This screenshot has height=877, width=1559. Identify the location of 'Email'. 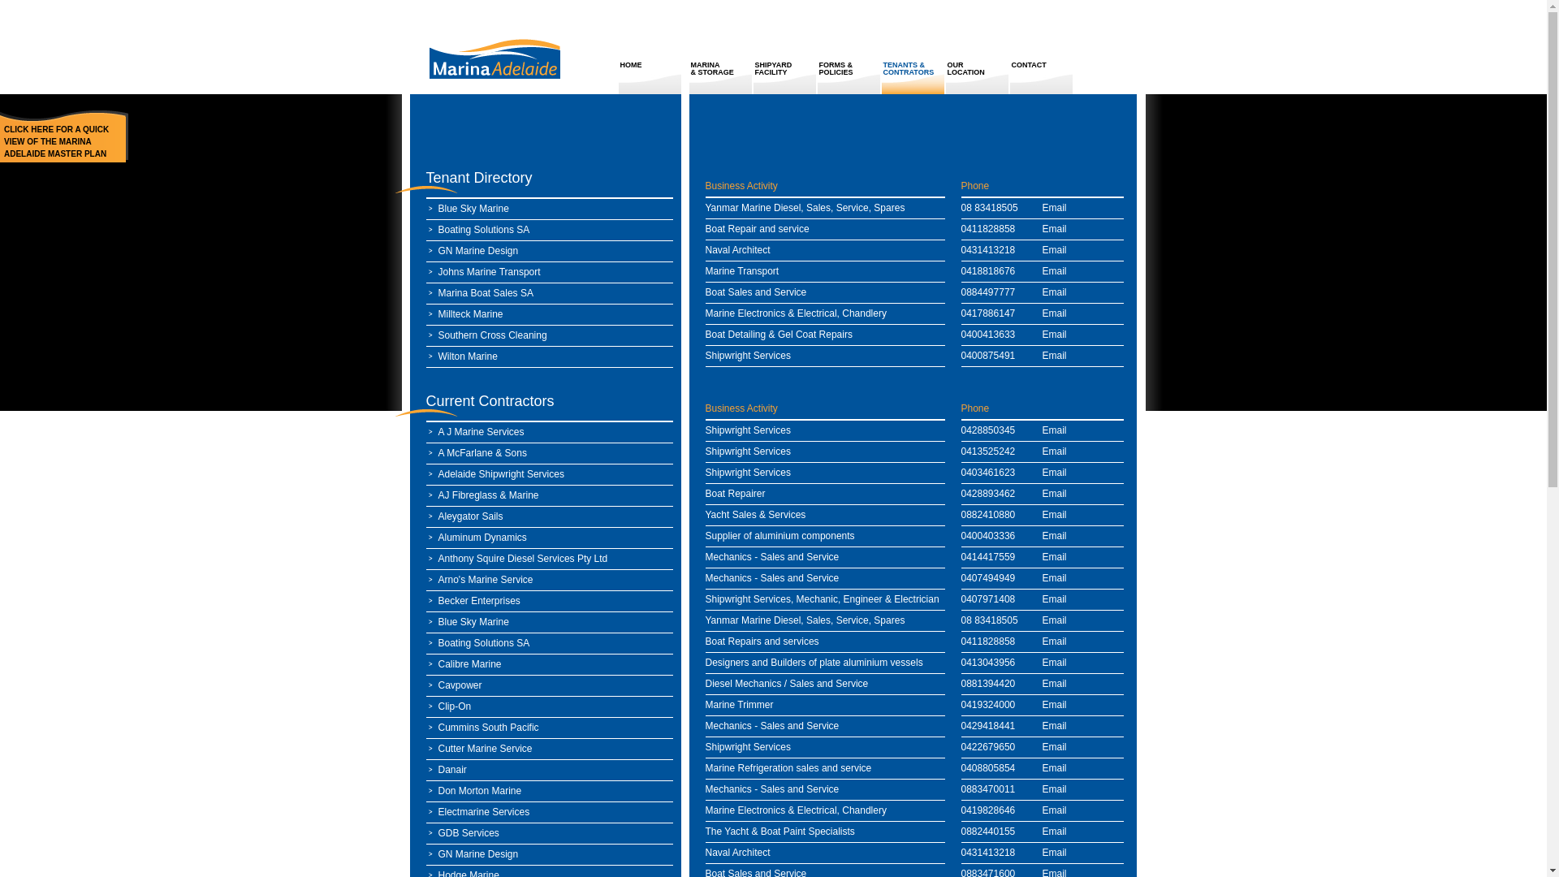
(1055, 514).